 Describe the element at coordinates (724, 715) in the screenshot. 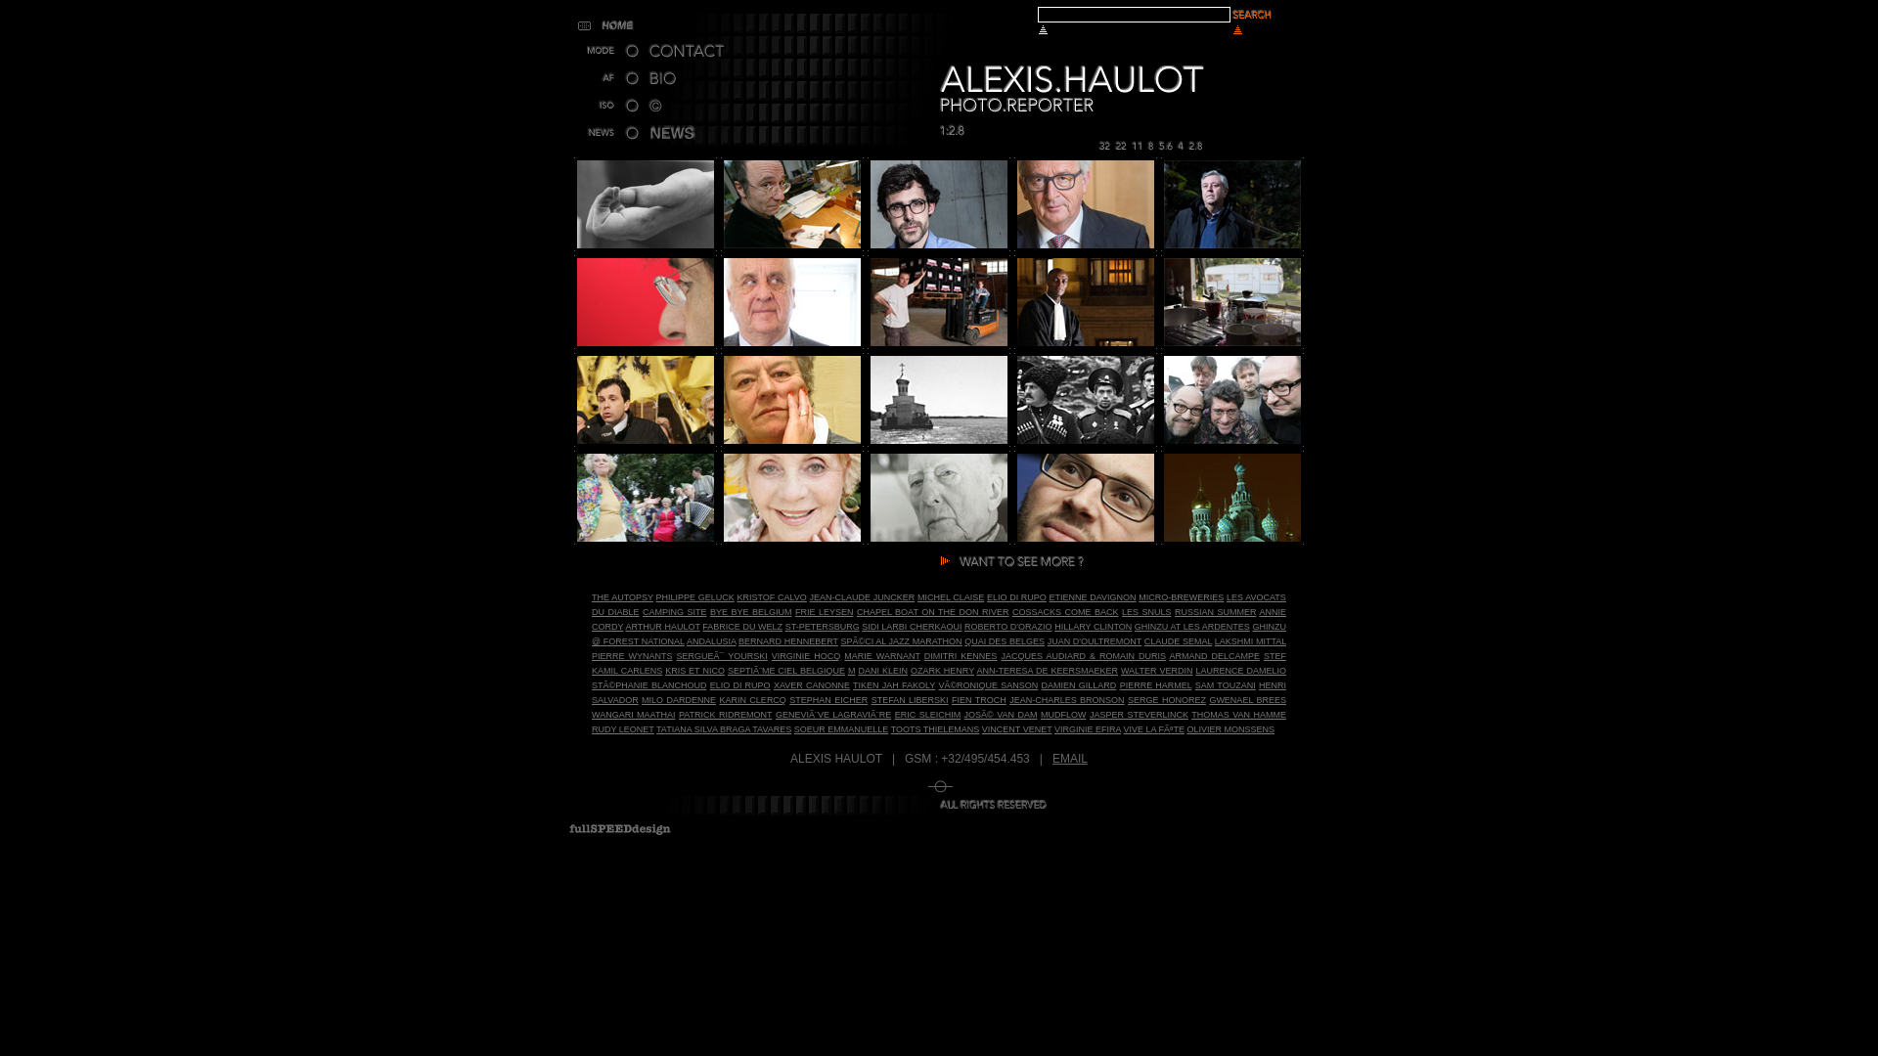

I see `'PATRICK RIDREMONT'` at that location.